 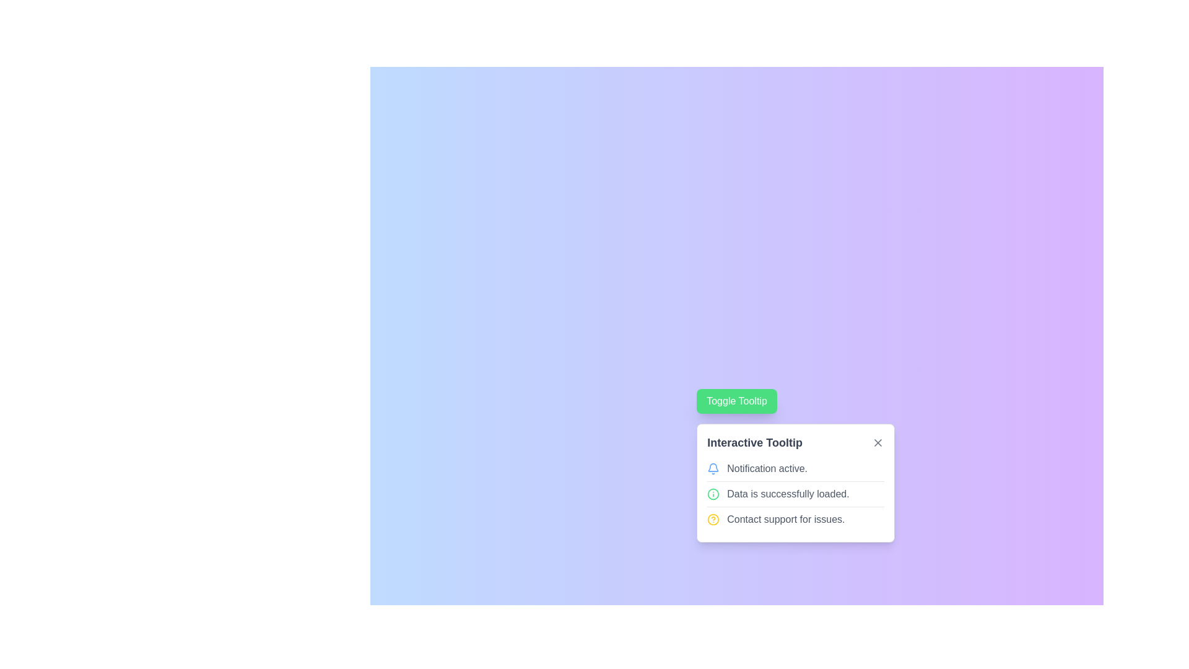 What do you see at coordinates (713, 494) in the screenshot?
I see `the information icon with a green border and white center, featuring an 'i' symbol, located to the left of the text 'Data is successfully loaded.'` at bounding box center [713, 494].